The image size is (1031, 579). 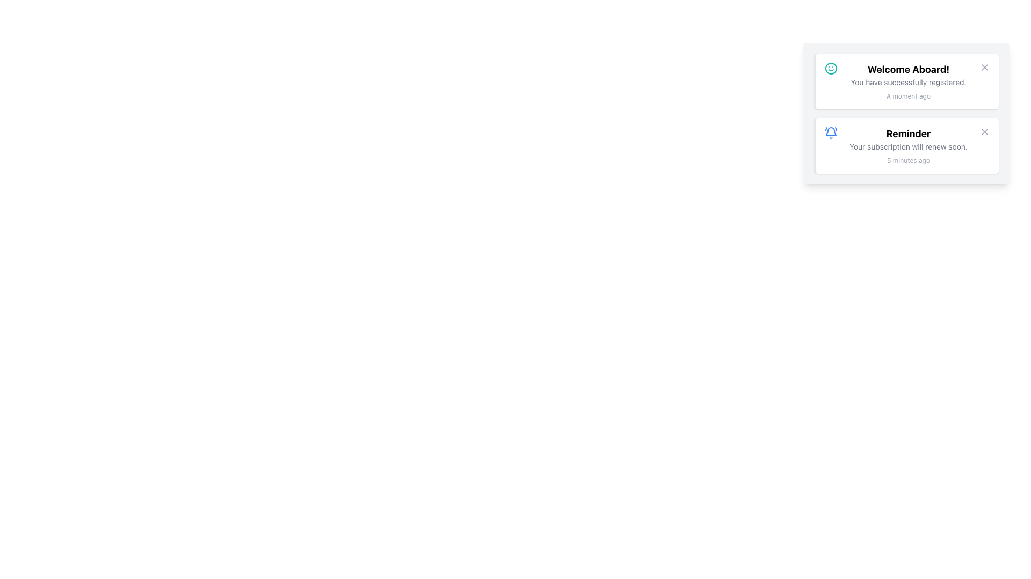 I want to click on the teal-colored circular boundary of the smiley face icon located in the upper notification card adjacent to the 'Welcome Aboard!' text, so click(x=831, y=68).